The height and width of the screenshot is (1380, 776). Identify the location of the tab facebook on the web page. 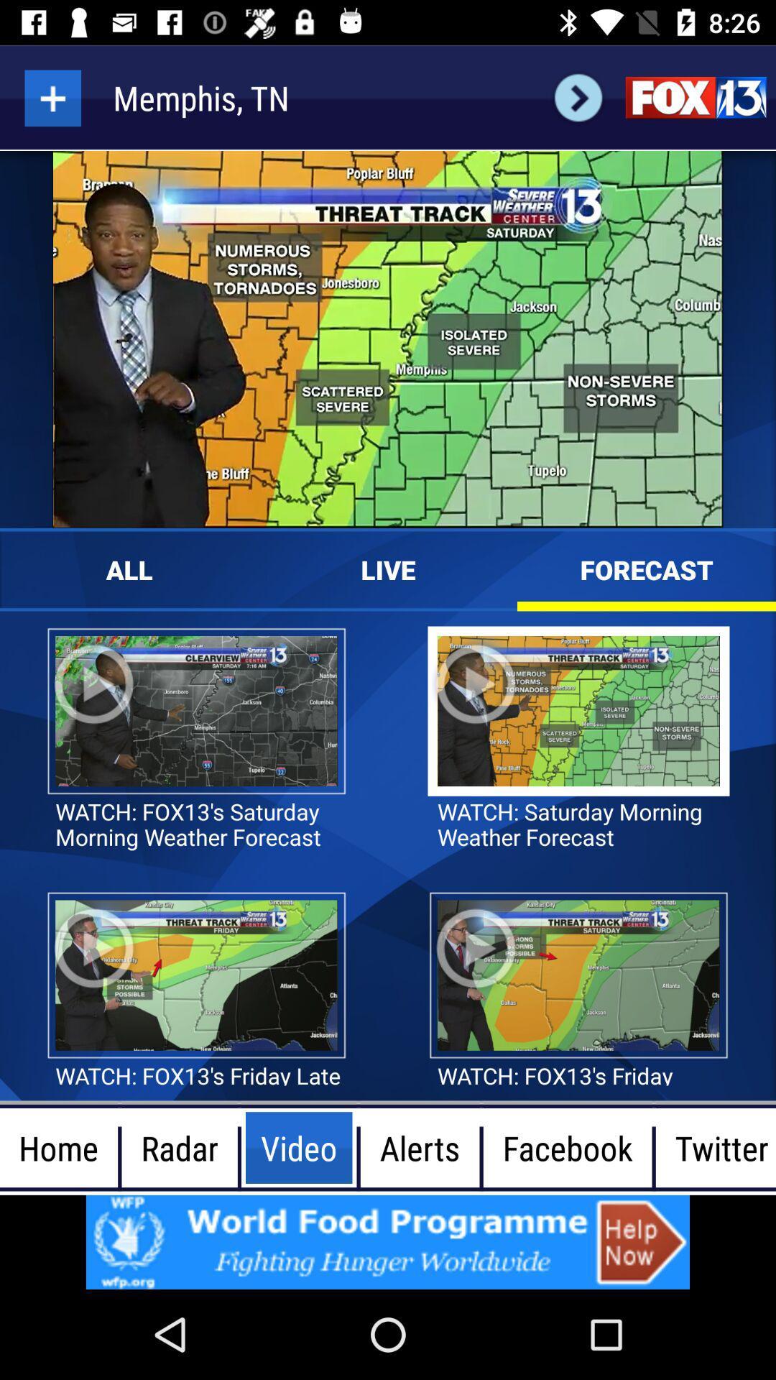
(567, 1147).